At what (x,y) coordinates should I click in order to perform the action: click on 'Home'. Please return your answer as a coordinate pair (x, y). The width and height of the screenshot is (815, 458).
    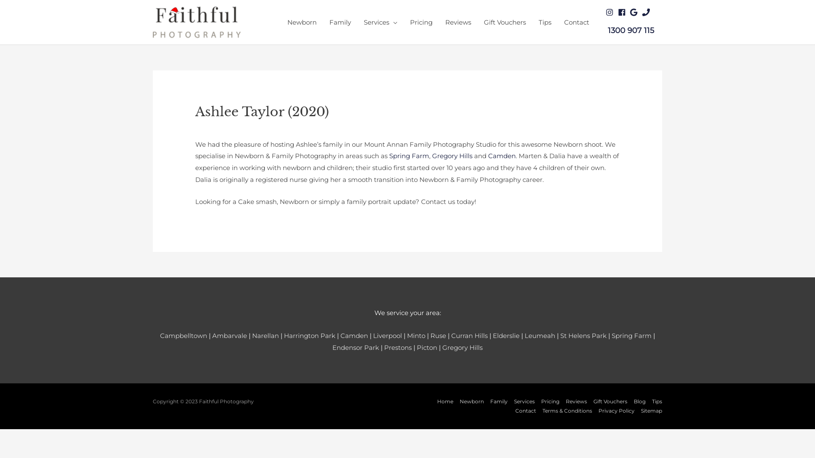
    Looking at the image, I should click on (442, 401).